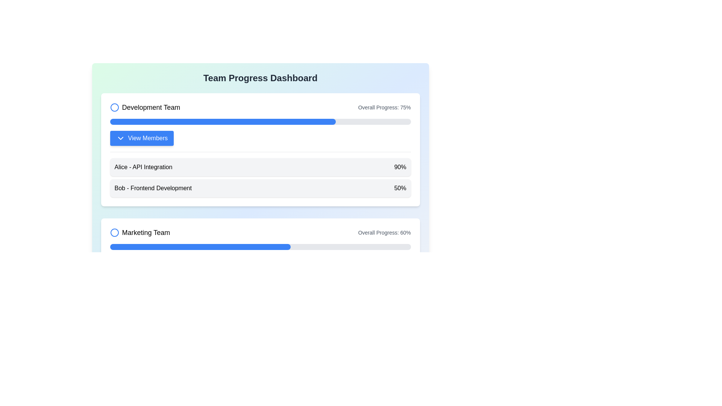  Describe the element at coordinates (400, 167) in the screenshot. I see `progress text label indicating the percentage of task completion for 'Alice - API Integration', located in the top-right corner of the card` at that location.